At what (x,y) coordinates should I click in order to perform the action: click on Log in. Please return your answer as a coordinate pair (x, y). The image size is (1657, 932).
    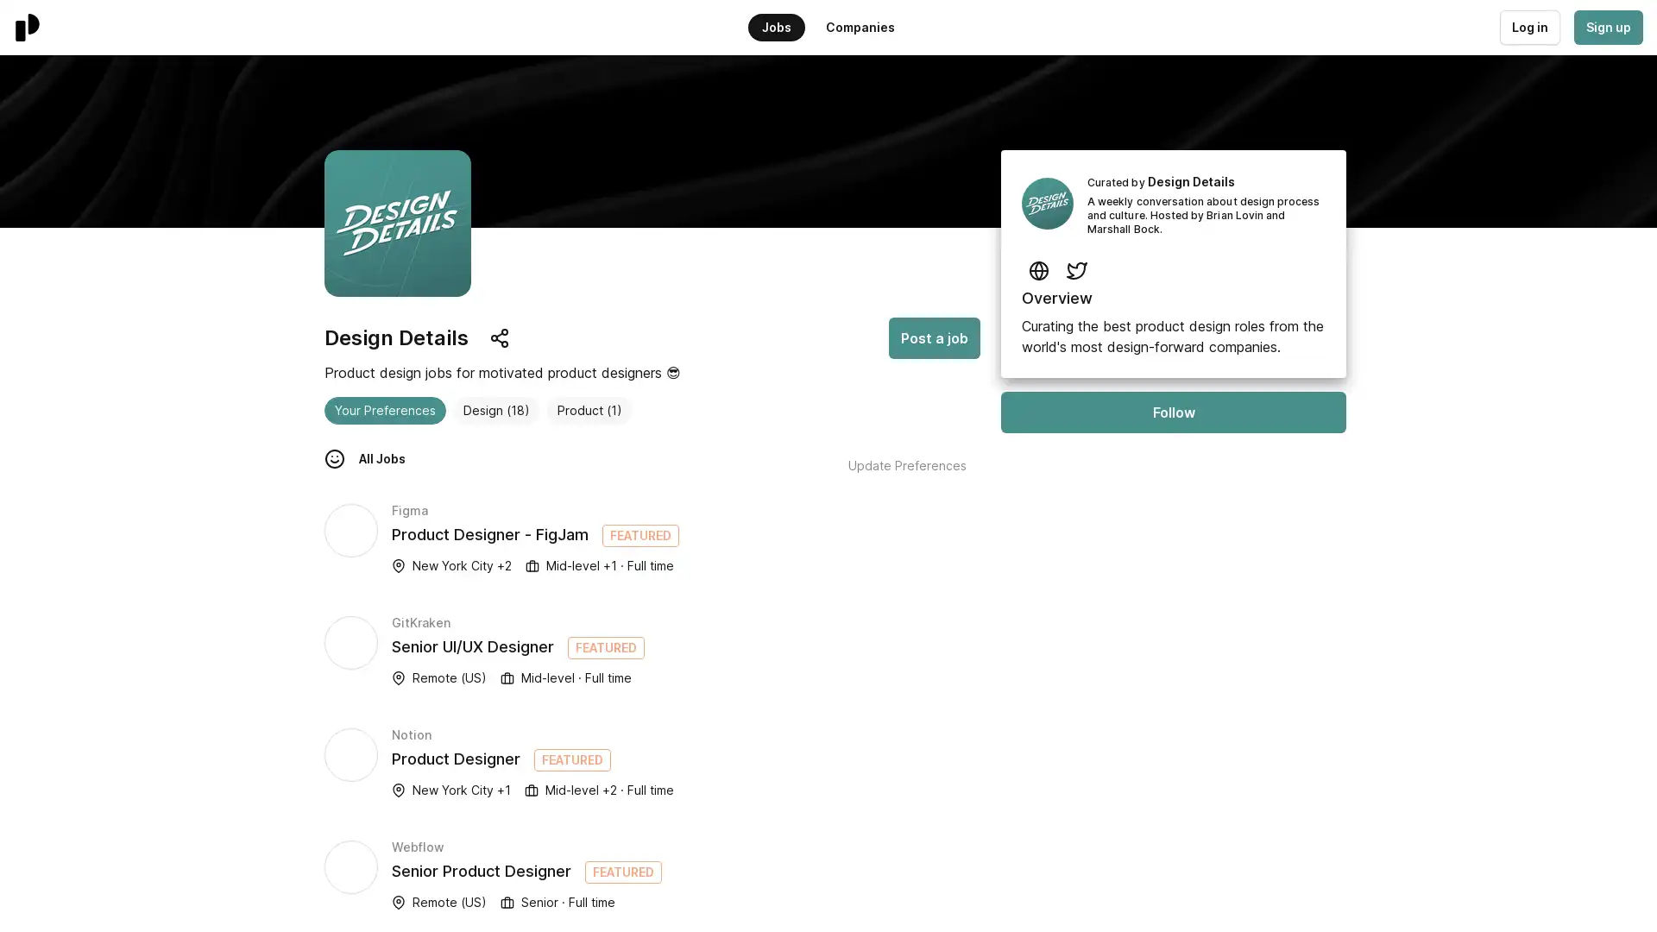
    Looking at the image, I should click on (1528, 27).